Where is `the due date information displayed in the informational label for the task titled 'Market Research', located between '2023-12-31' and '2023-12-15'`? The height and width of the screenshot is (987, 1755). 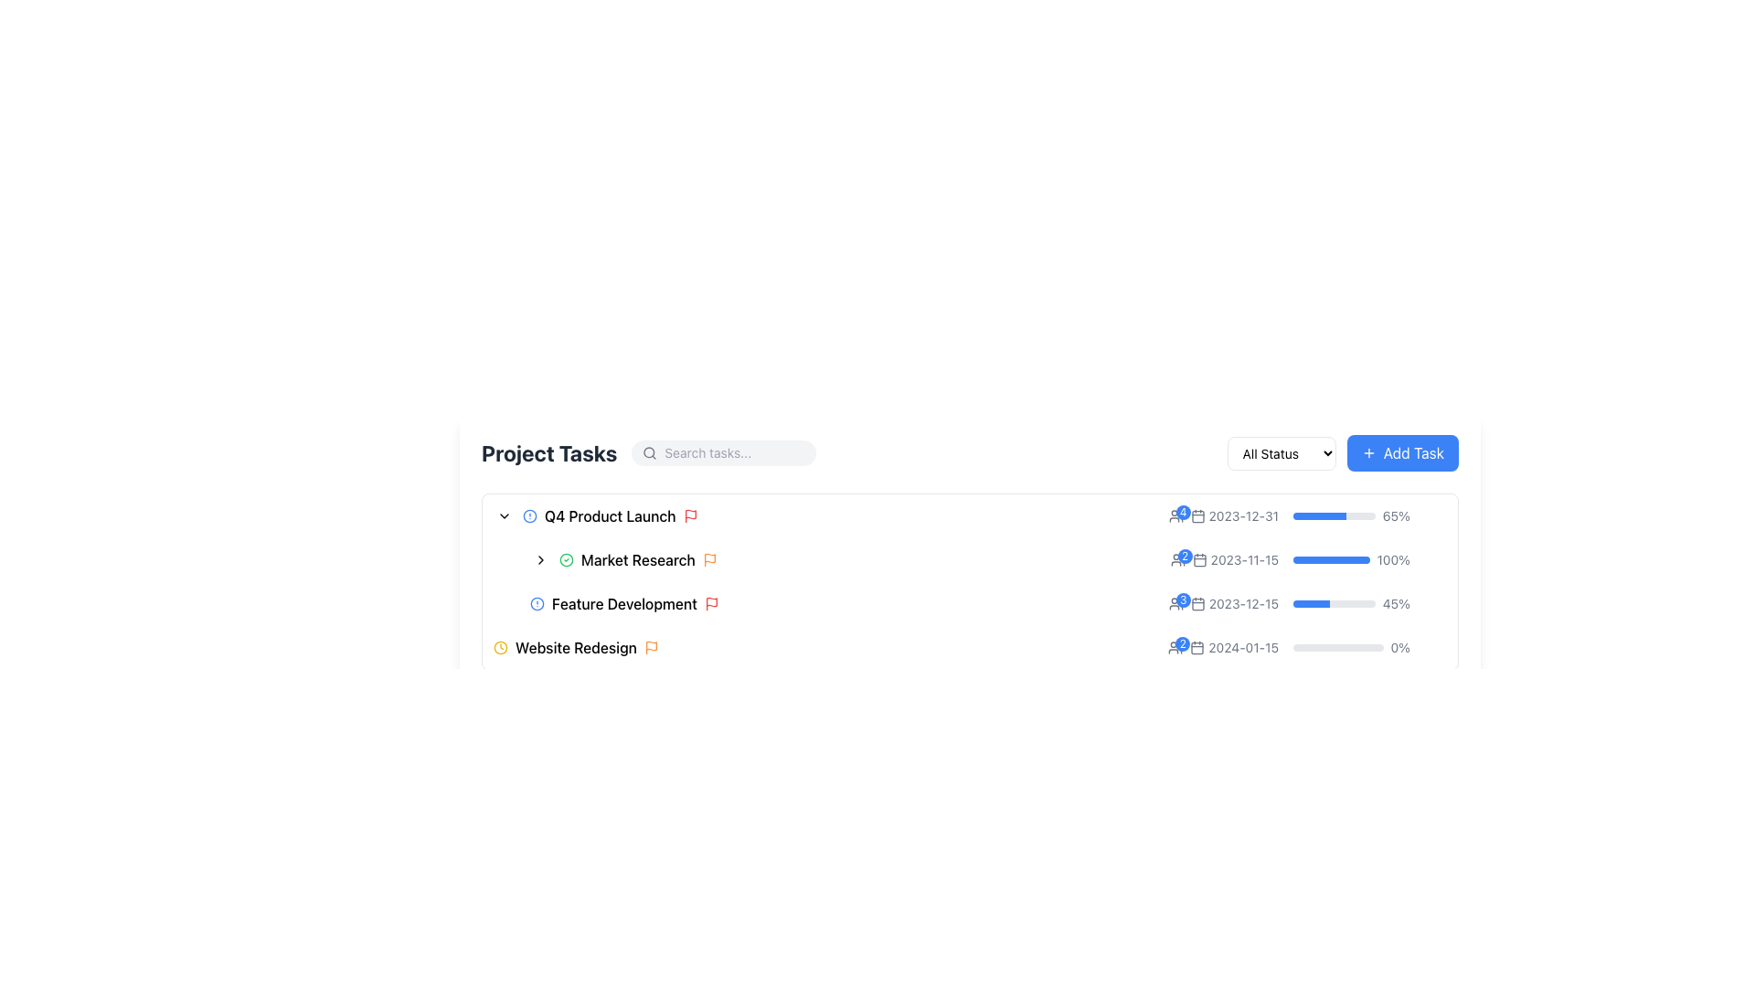 the due date information displayed in the informational label for the task titled 'Market Research', located between '2023-12-31' and '2023-12-15' is located at coordinates (1235, 559).